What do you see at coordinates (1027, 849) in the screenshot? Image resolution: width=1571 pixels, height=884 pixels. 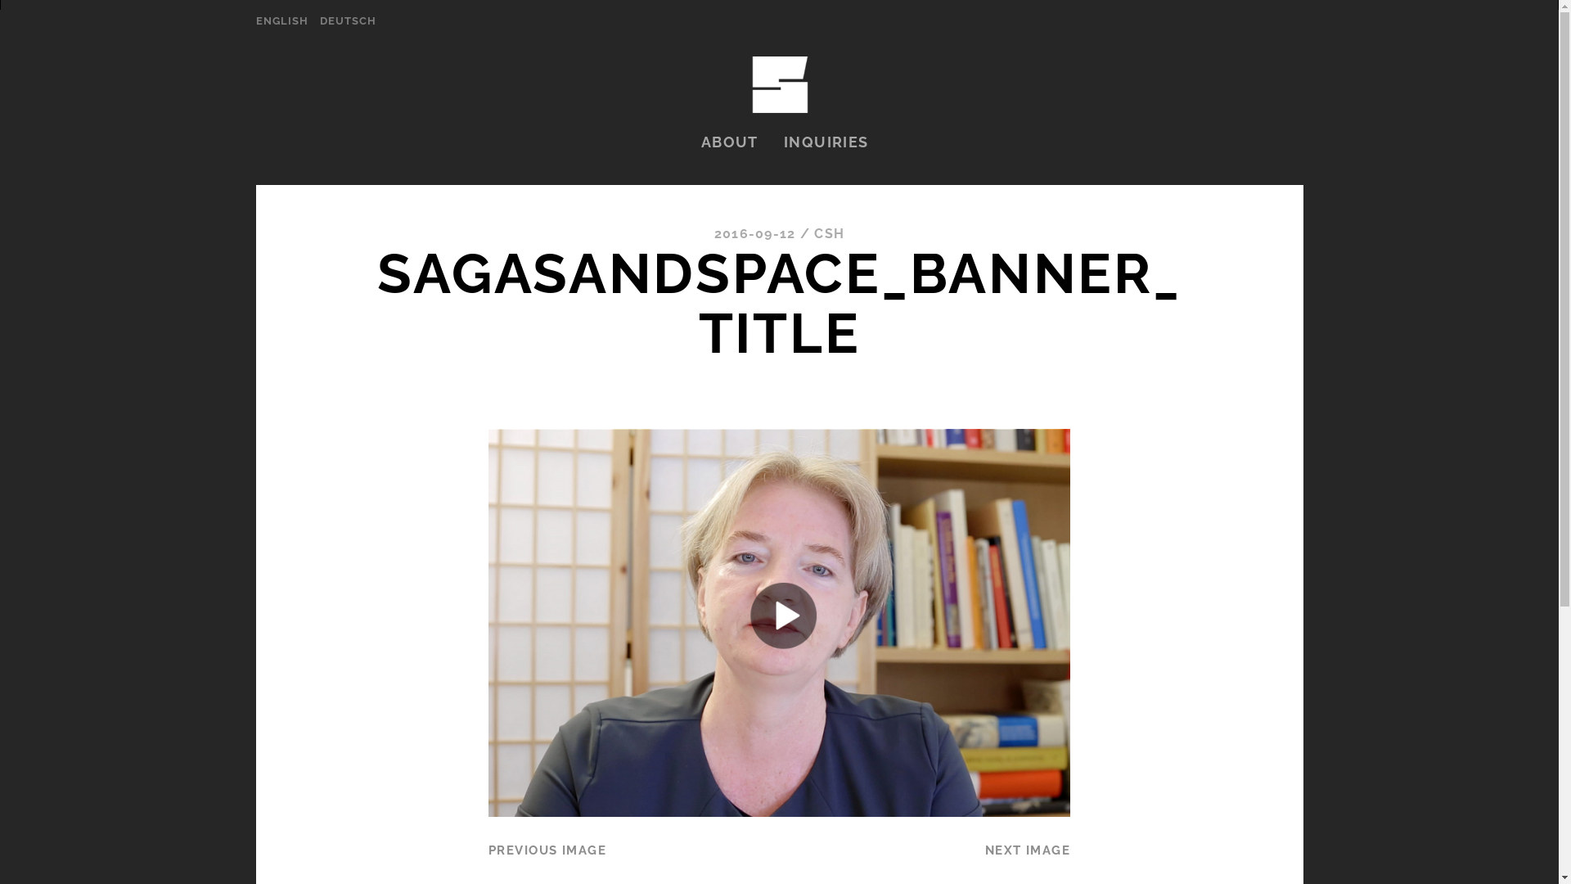 I see `'NEXT IMAGE'` at bounding box center [1027, 849].